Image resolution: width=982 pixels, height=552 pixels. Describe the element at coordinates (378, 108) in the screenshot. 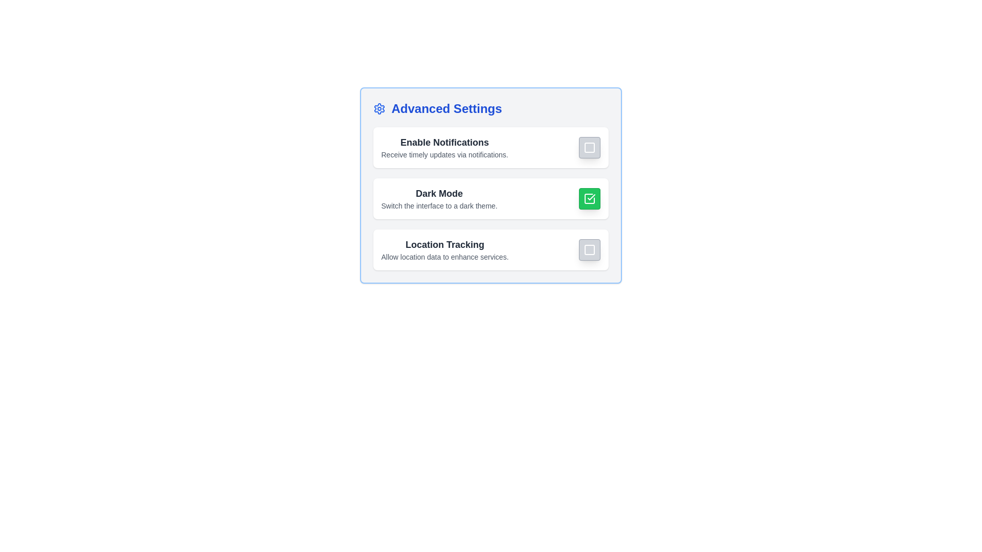

I see `the blue gear icon next to the 'Advanced Settings' text` at that location.